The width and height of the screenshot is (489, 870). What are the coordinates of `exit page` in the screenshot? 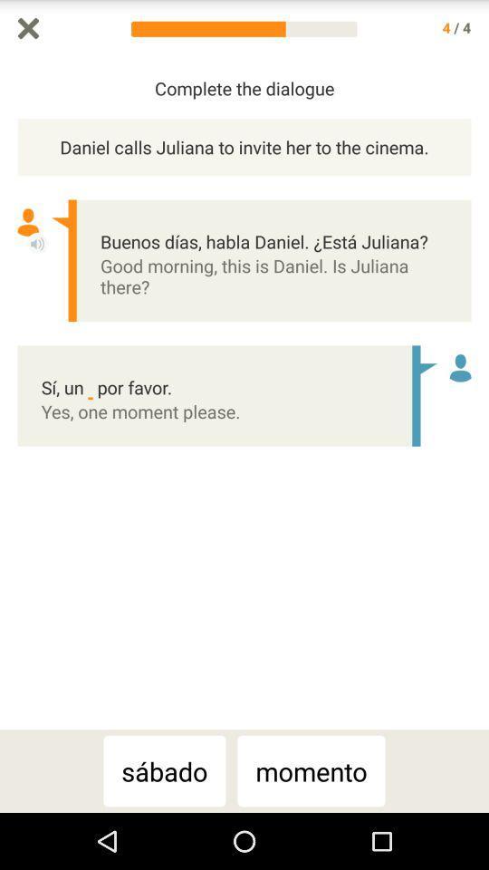 It's located at (27, 27).